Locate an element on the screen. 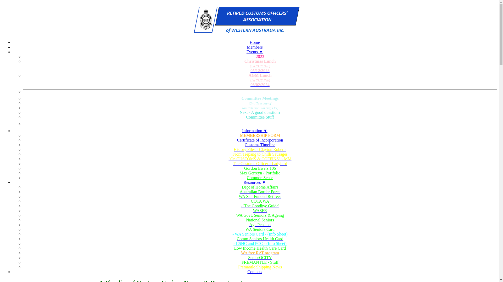 The image size is (503, 282). 'From Trepang to Chilli Sausages' is located at coordinates (260, 154).